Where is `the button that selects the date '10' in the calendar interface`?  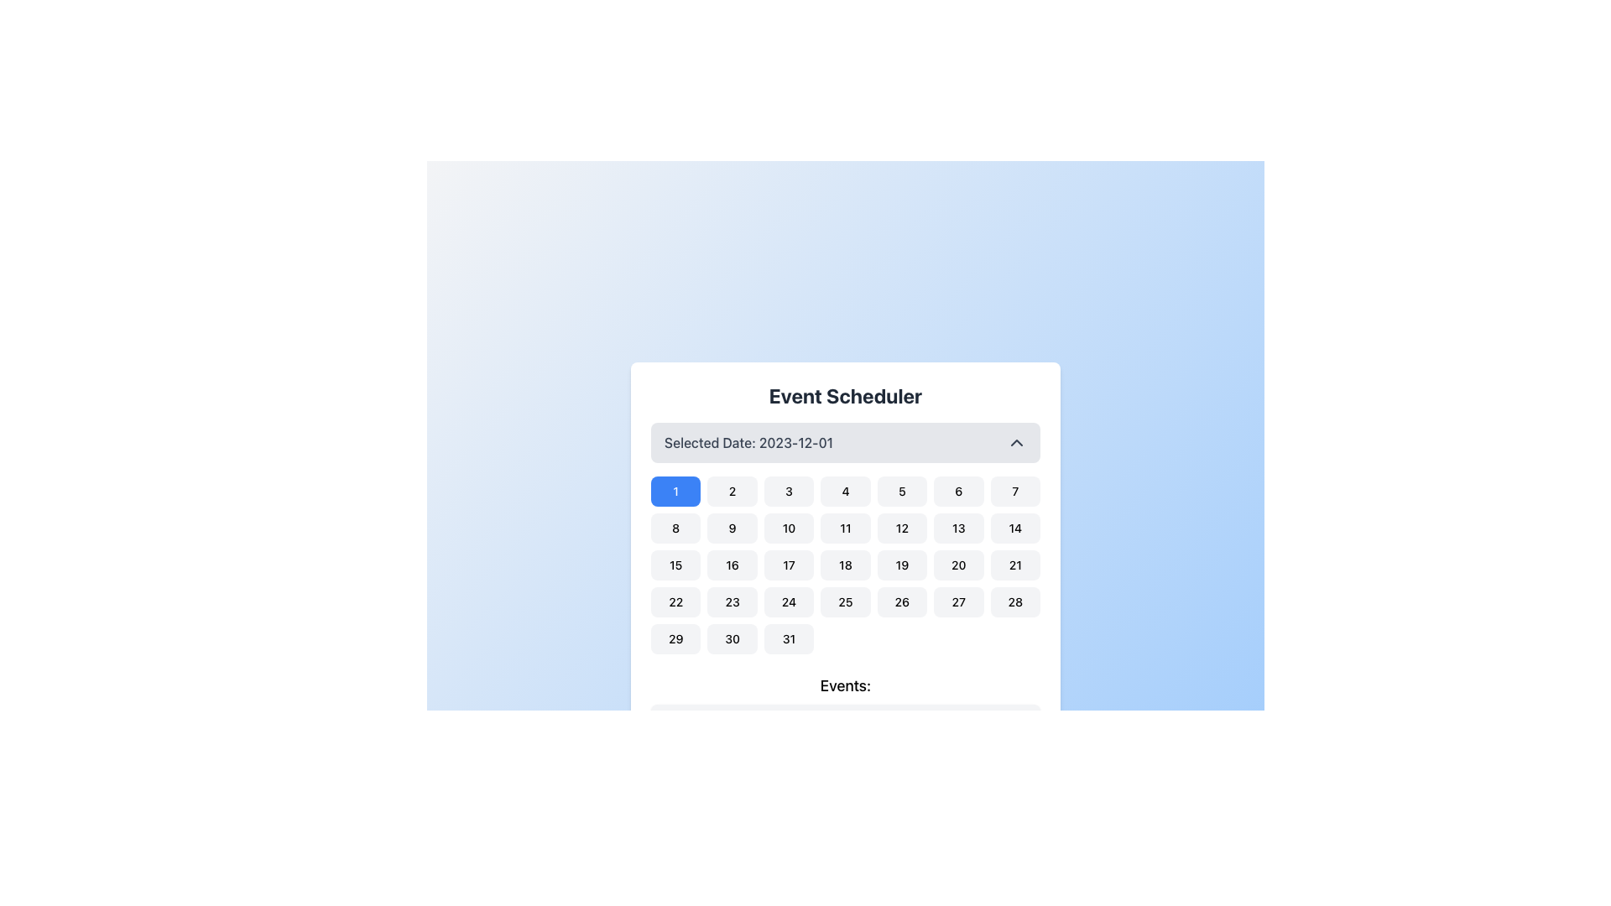 the button that selects the date '10' in the calendar interface is located at coordinates (788, 527).